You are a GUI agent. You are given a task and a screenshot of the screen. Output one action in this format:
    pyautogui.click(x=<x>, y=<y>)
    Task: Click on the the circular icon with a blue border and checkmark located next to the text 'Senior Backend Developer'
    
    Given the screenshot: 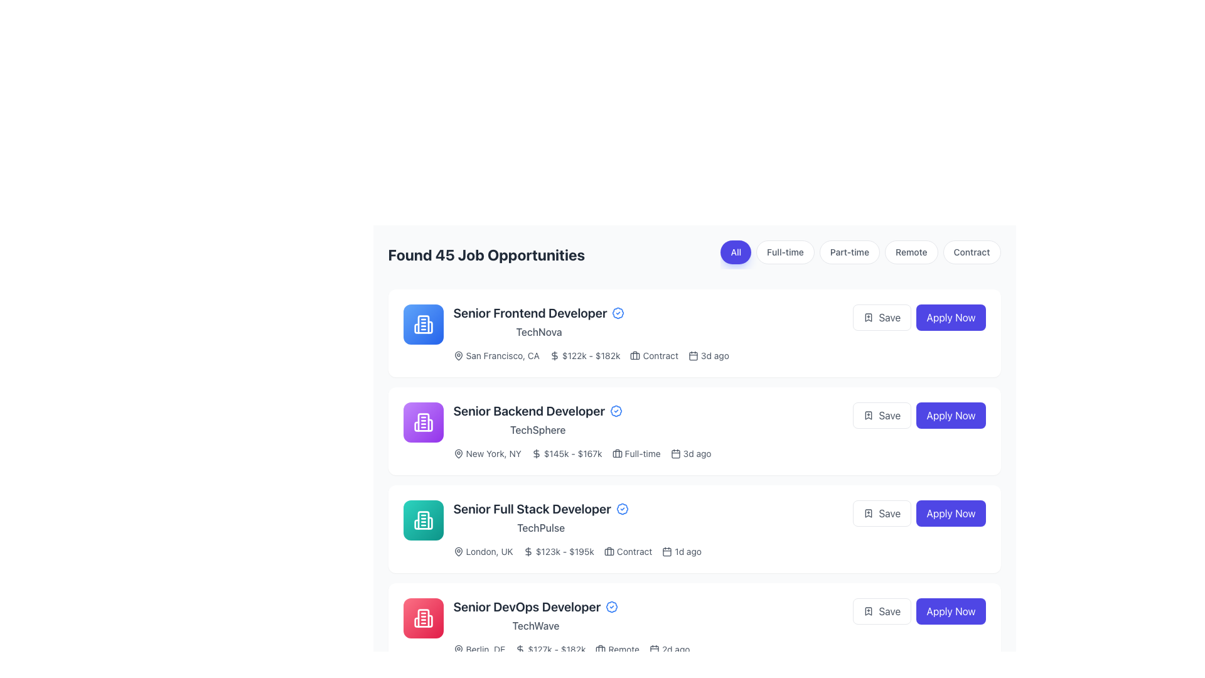 What is the action you would take?
    pyautogui.click(x=616, y=411)
    